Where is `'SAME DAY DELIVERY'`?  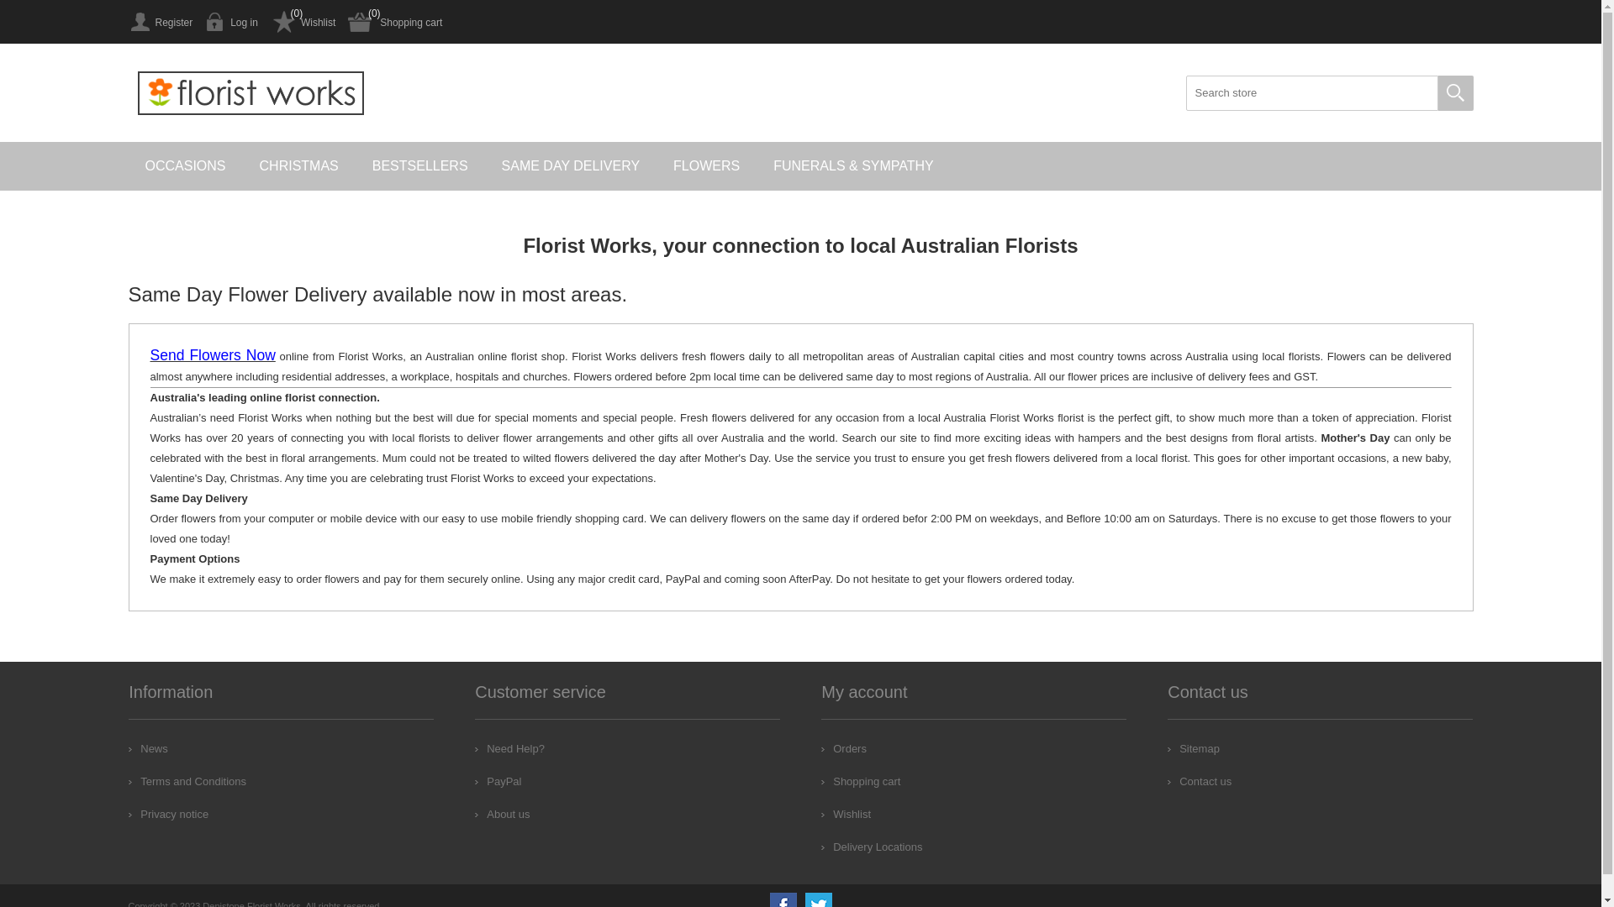 'SAME DAY DELIVERY' is located at coordinates (571, 165).